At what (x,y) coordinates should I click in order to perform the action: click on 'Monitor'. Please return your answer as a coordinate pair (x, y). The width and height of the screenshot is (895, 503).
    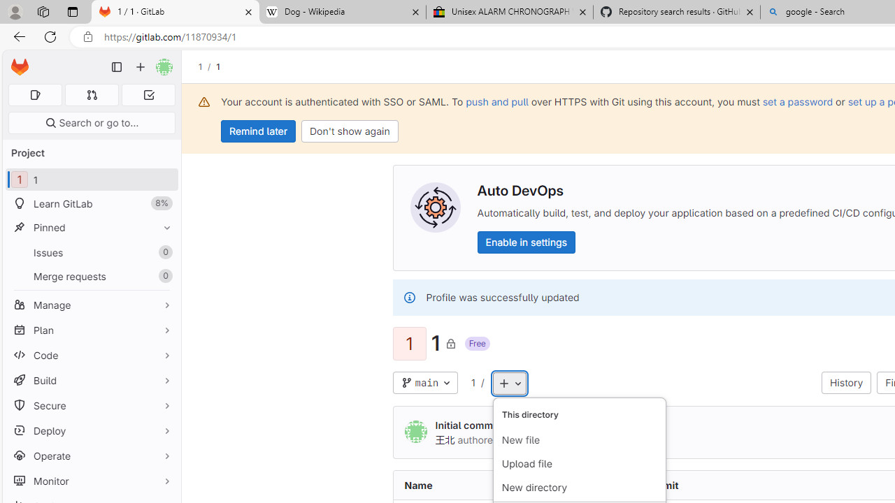
    Looking at the image, I should click on (91, 480).